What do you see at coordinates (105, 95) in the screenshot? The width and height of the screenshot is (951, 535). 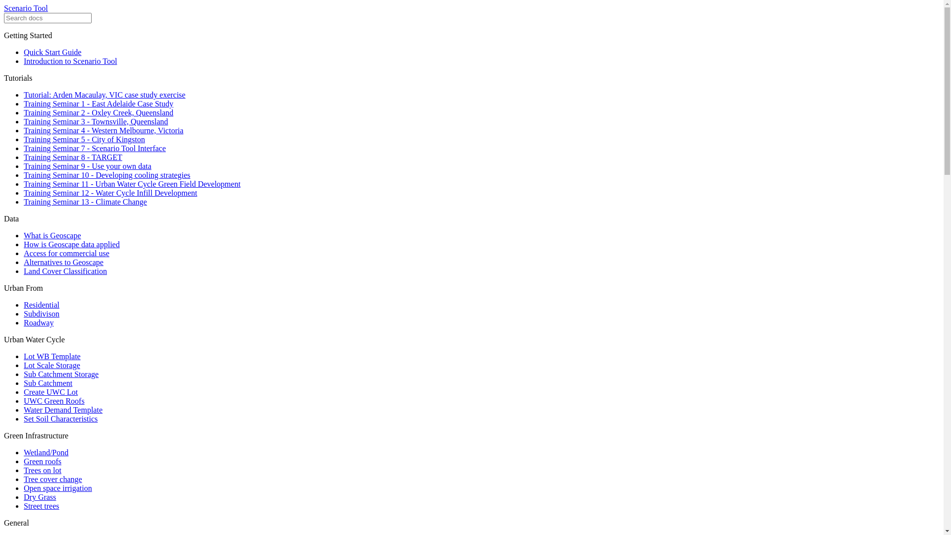 I see `'Tutorial: Arden Macaulay, VIC case study exercise'` at bounding box center [105, 95].